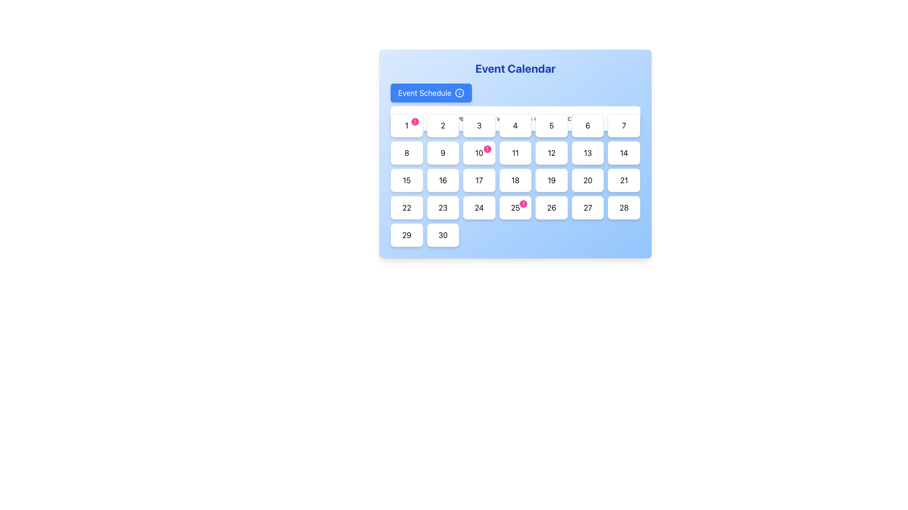  What do you see at coordinates (442, 153) in the screenshot?
I see `the white, rectangular button with rounded corners labeled '9', which is part of a grid layout in the blue calendar interface` at bounding box center [442, 153].